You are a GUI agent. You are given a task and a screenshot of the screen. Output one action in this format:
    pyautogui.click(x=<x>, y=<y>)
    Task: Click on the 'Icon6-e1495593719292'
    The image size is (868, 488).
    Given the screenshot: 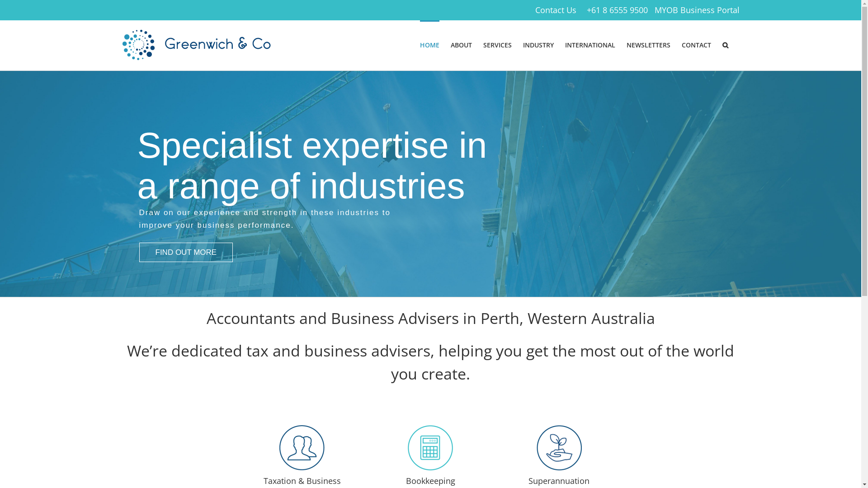 What is the action you would take?
    pyautogui.click(x=536, y=448)
    